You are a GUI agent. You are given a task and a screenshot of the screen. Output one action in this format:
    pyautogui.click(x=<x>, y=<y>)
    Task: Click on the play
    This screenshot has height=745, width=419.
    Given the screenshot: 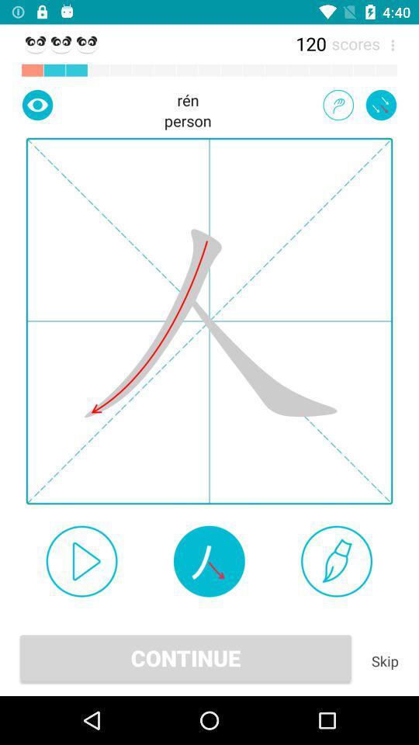 What is the action you would take?
    pyautogui.click(x=81, y=560)
    